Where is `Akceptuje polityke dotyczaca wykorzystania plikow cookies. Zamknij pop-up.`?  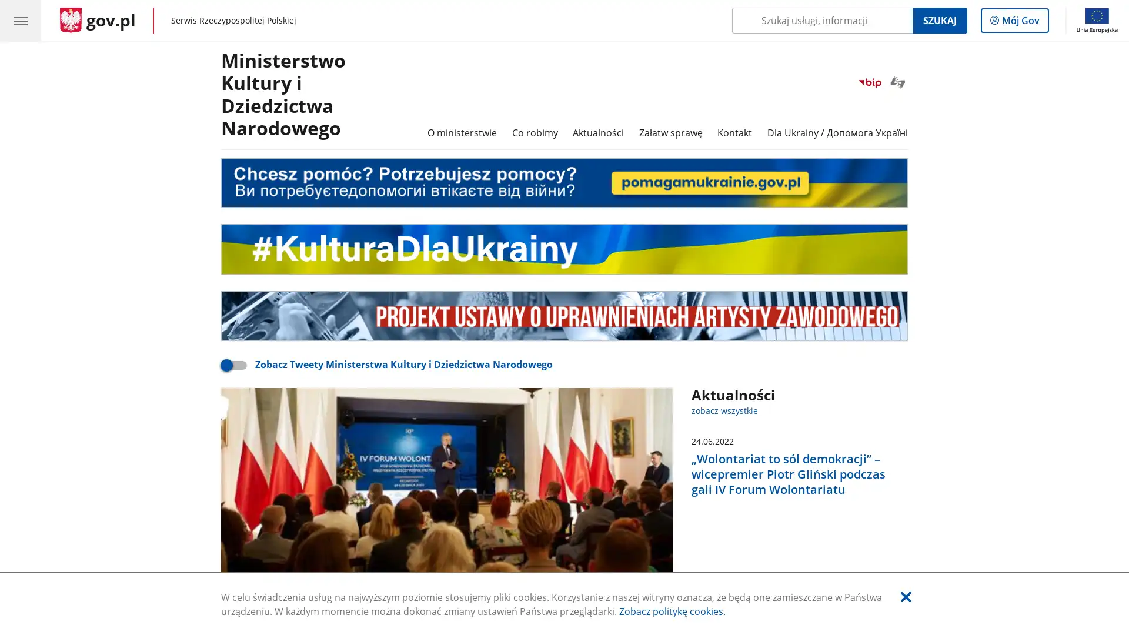
Akceptuje polityke dotyczaca wykorzystania plikow cookies. Zamknij pop-up. is located at coordinates (905, 596).